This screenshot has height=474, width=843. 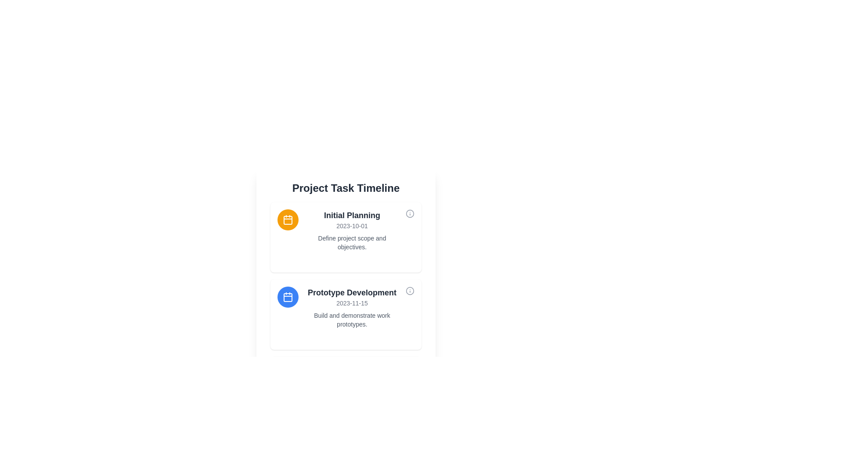 What do you see at coordinates (288, 219) in the screenshot?
I see `the circular icon with a bright orange background and a white calendar symbol located at the top left of the 'Initial Planning' task card` at bounding box center [288, 219].